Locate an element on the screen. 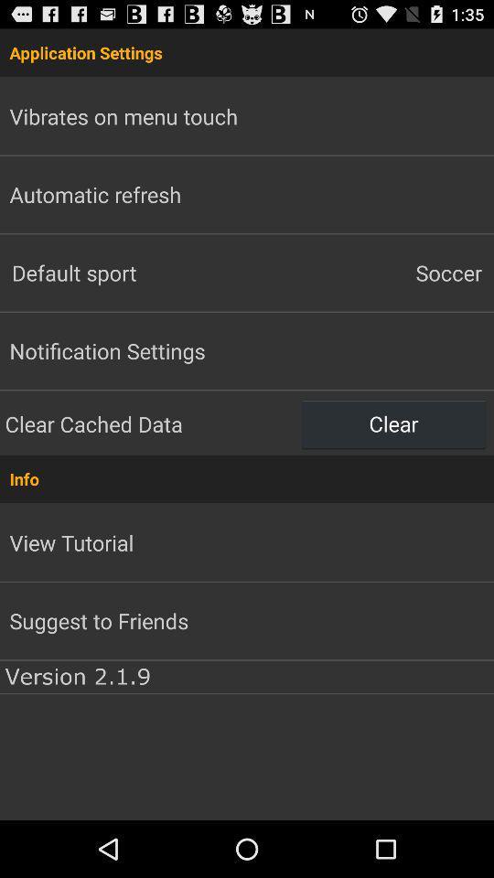  item to the left of soccer is located at coordinates (123, 272).